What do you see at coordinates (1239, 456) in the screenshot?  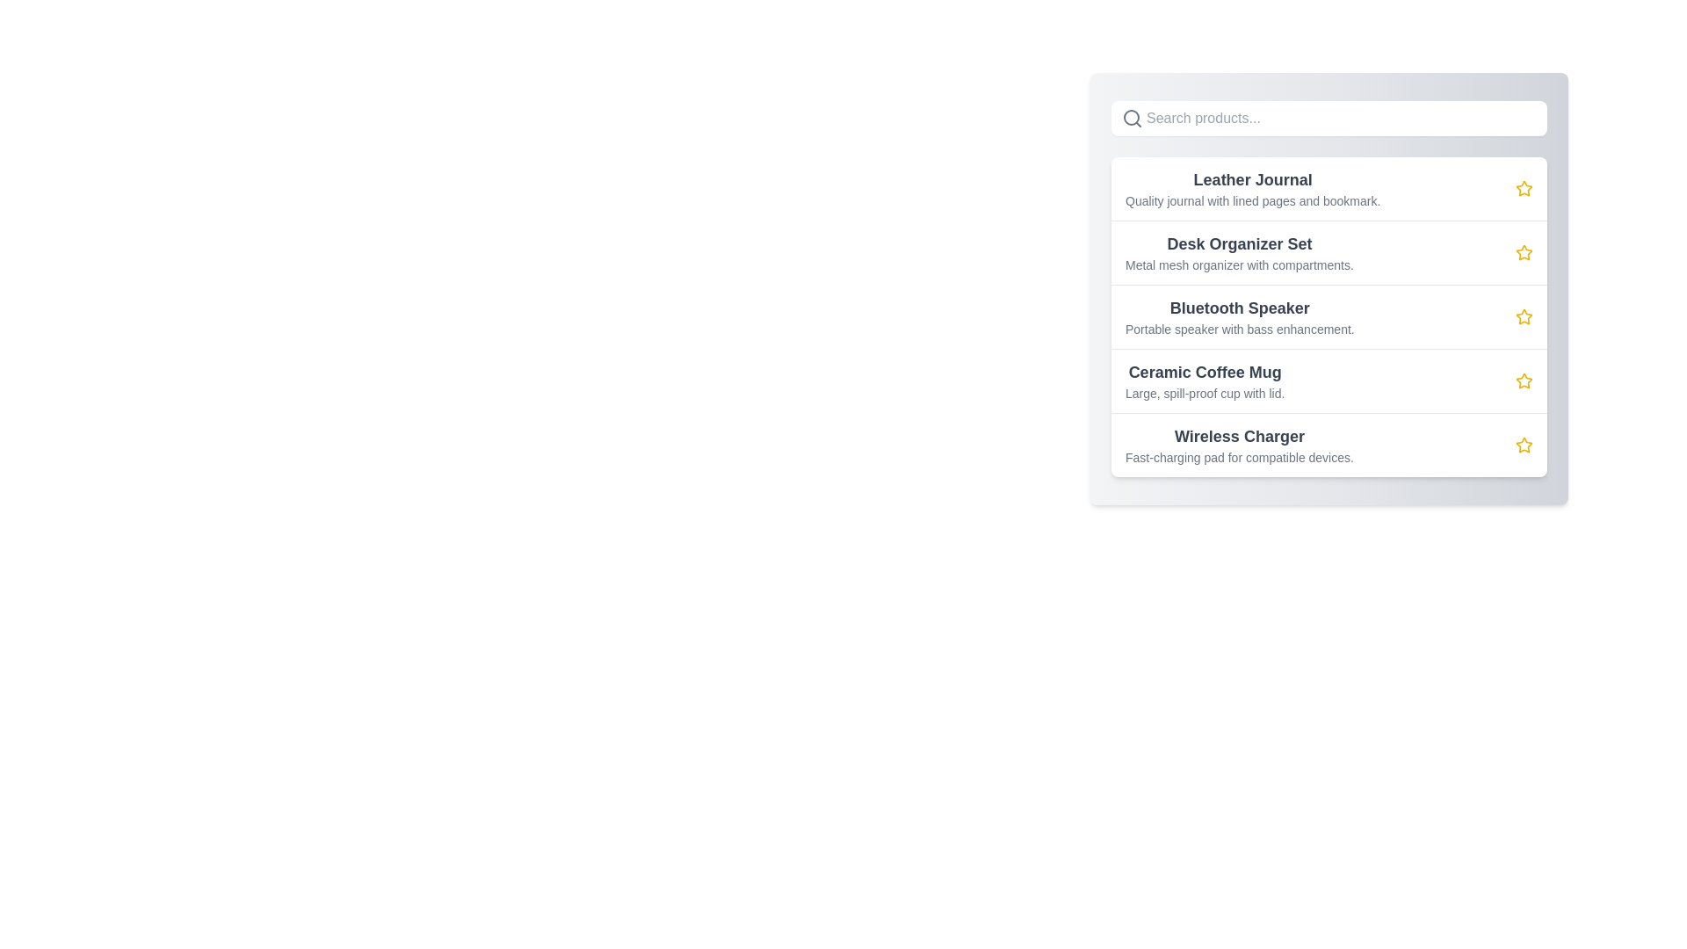 I see `the text label providing a brief description of the 'Wireless Charger' item, which details its fast-charging capability for compatible devices, located directly below the title in the item list` at bounding box center [1239, 456].